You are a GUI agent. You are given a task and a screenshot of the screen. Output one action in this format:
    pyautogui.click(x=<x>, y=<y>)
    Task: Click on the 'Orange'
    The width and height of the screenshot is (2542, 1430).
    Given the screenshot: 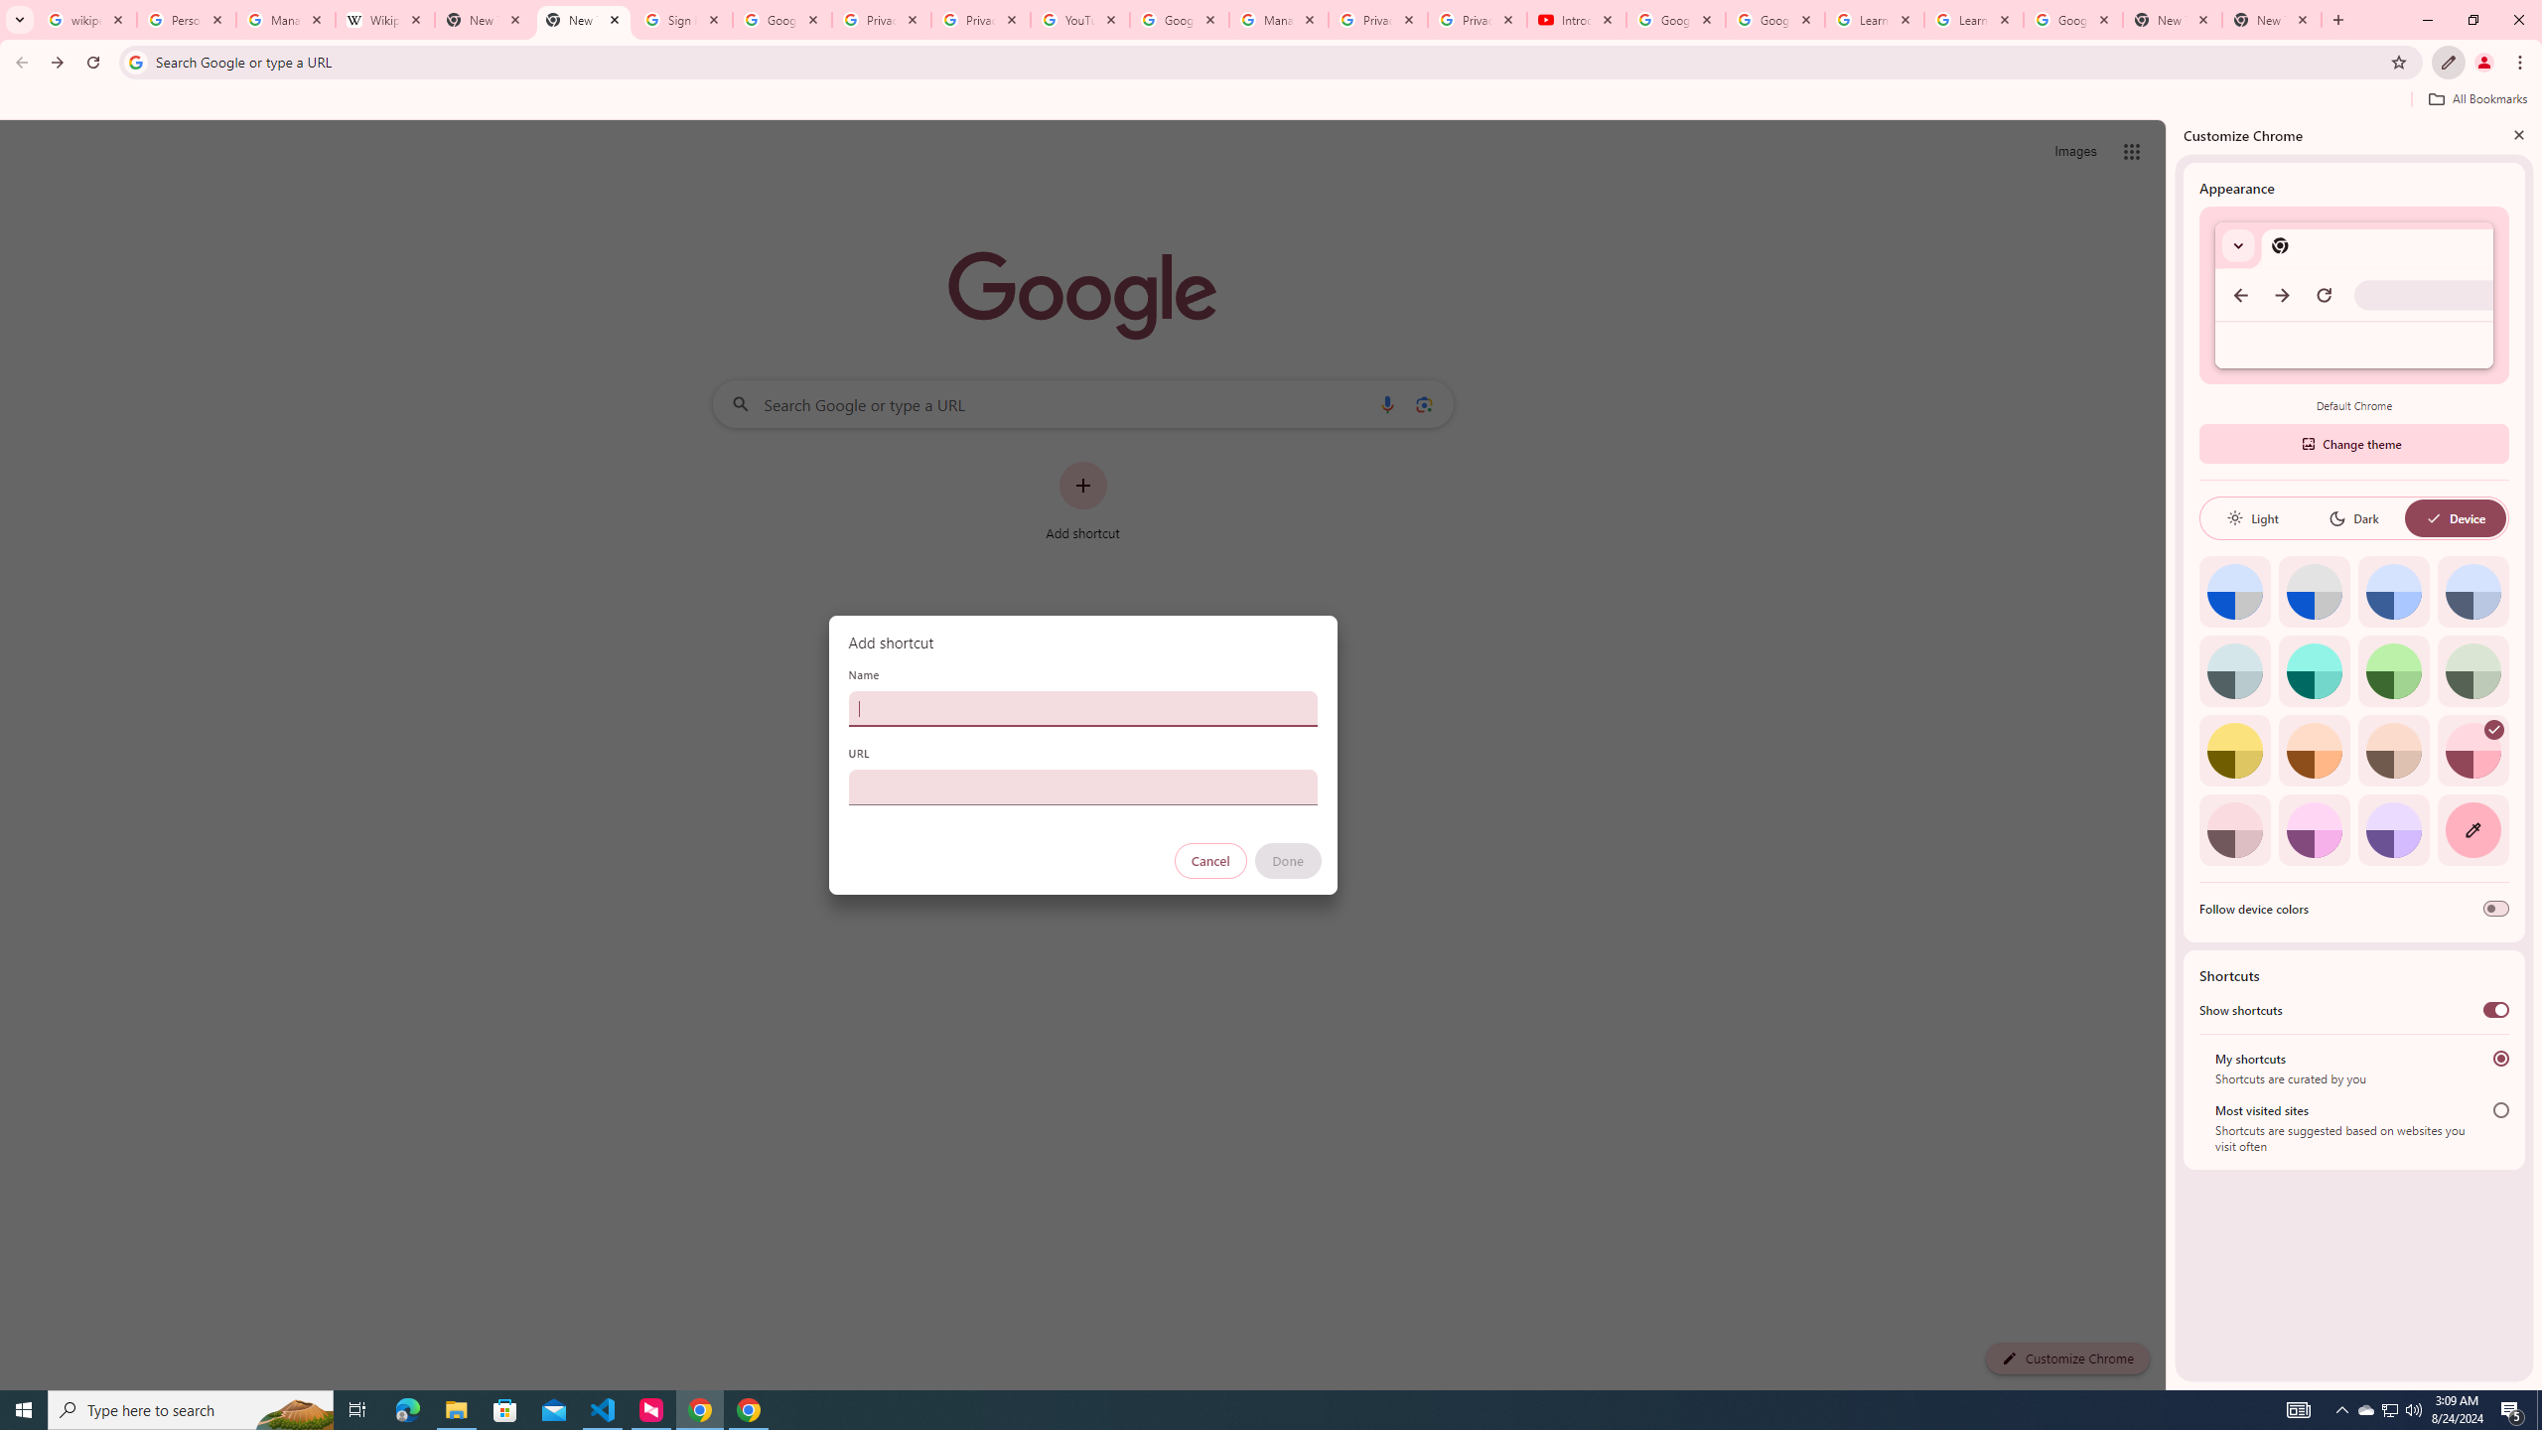 What is the action you would take?
    pyautogui.click(x=2313, y=750)
    